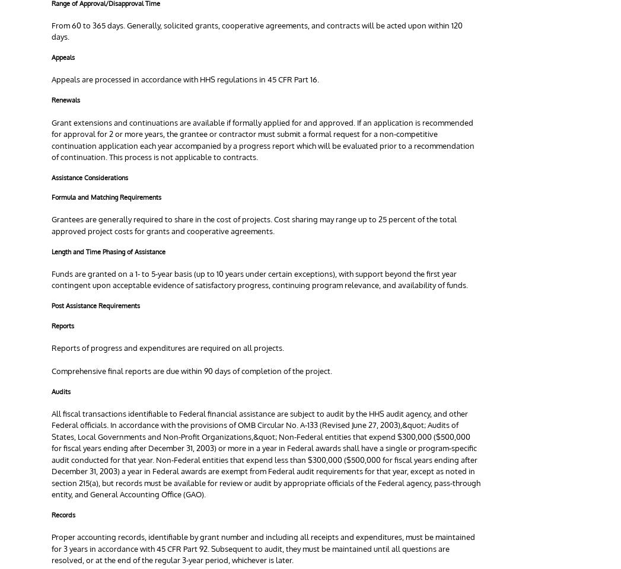 The image size is (621, 569). Describe the element at coordinates (52, 391) in the screenshot. I see `'Audits'` at that location.